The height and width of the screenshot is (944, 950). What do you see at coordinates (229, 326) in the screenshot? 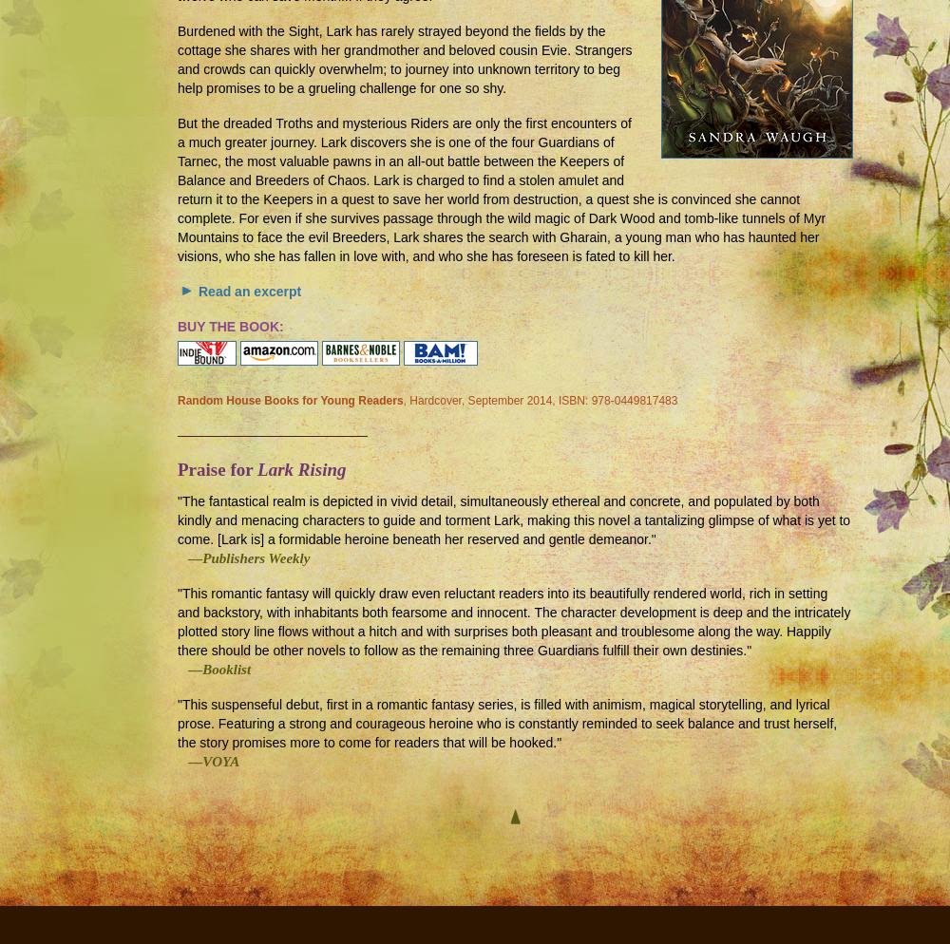
I see `'BUY THE BOOK:'` at bounding box center [229, 326].